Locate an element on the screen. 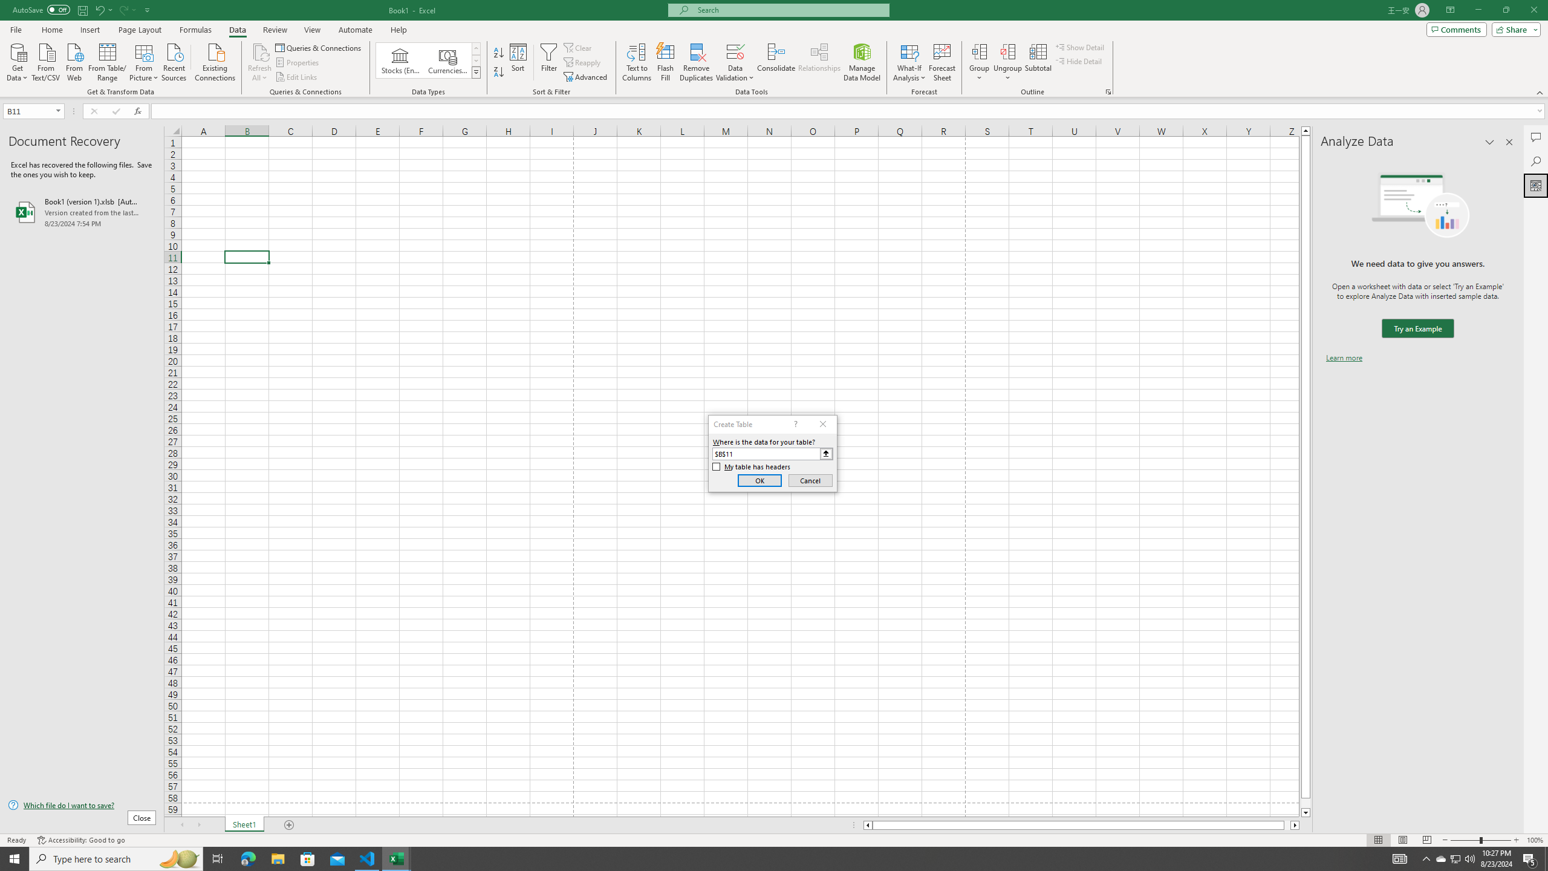  'Sort A to Z' is located at coordinates (498, 53).